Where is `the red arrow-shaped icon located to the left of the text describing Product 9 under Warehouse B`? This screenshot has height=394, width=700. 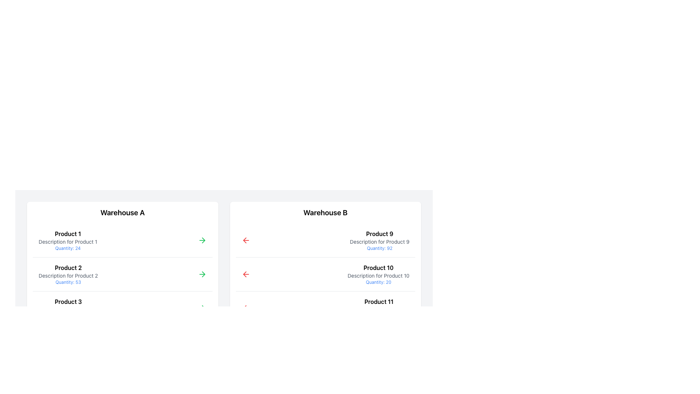
the red arrow-shaped icon located to the left of the text describing Product 9 under Warehouse B is located at coordinates (245, 376).